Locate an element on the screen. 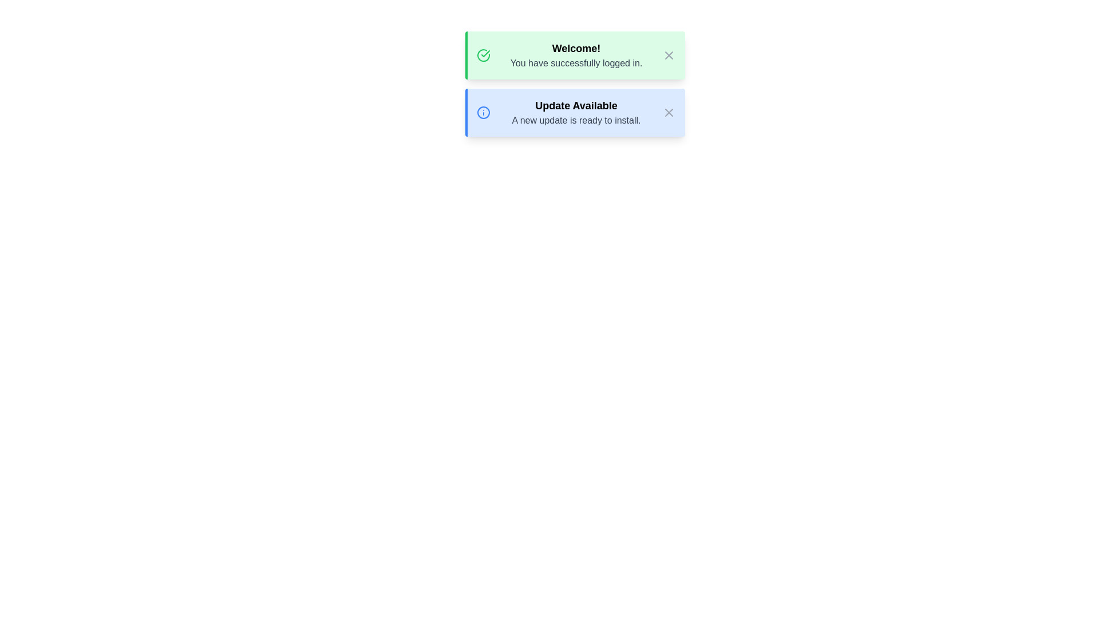 The height and width of the screenshot is (618, 1099). the dismiss button located in the top-right corner of the green notification card displaying the message 'Welcome! You have successfully logged in.' to observe the styling change is located at coordinates (669, 55).